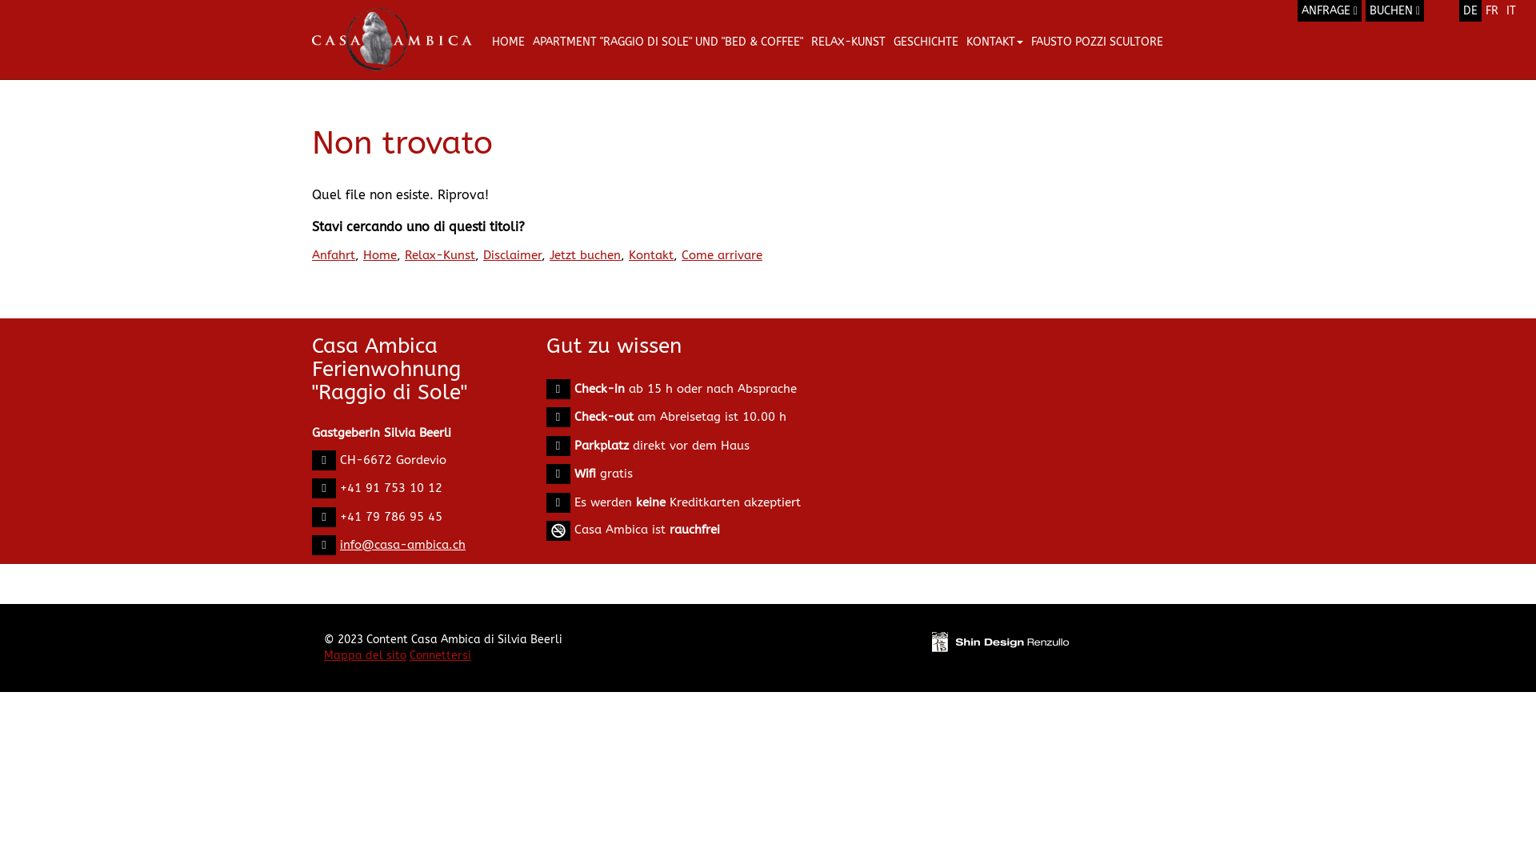 This screenshot has width=1536, height=864. I want to click on 'Shin Design Renzullo', so click(999, 641).